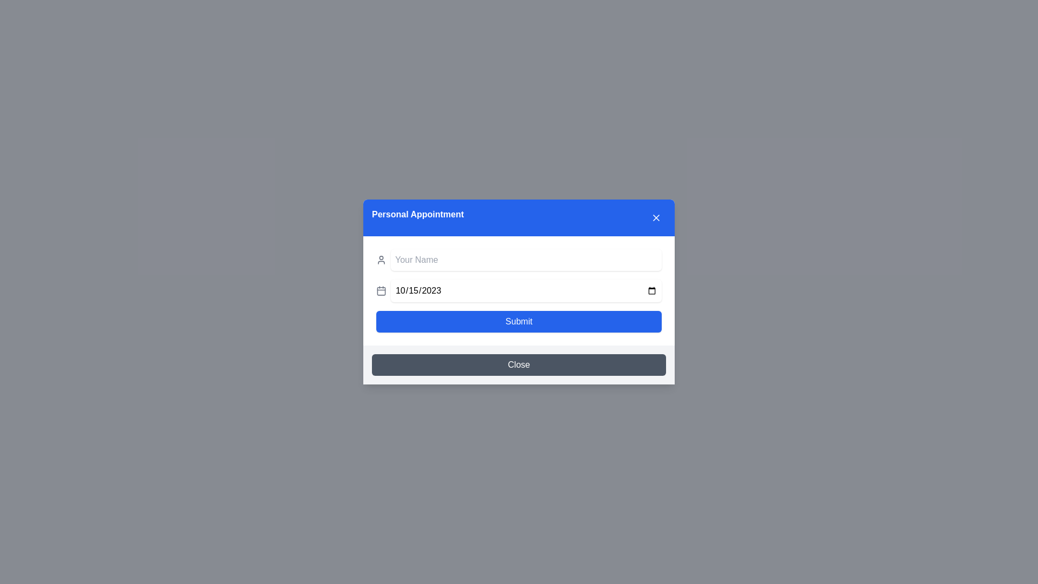 This screenshot has height=584, width=1038. Describe the element at coordinates (381, 260) in the screenshot. I see `the user profile silhouette icon, which is a small gray icon located to the far left of the text input field labeled 'Your Name'` at that location.